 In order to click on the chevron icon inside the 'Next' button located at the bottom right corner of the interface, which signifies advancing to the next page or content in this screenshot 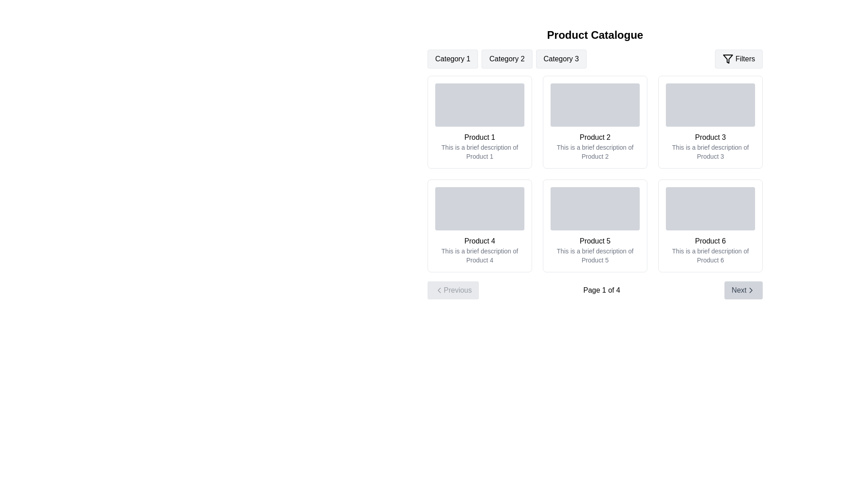, I will do `click(751, 290)`.